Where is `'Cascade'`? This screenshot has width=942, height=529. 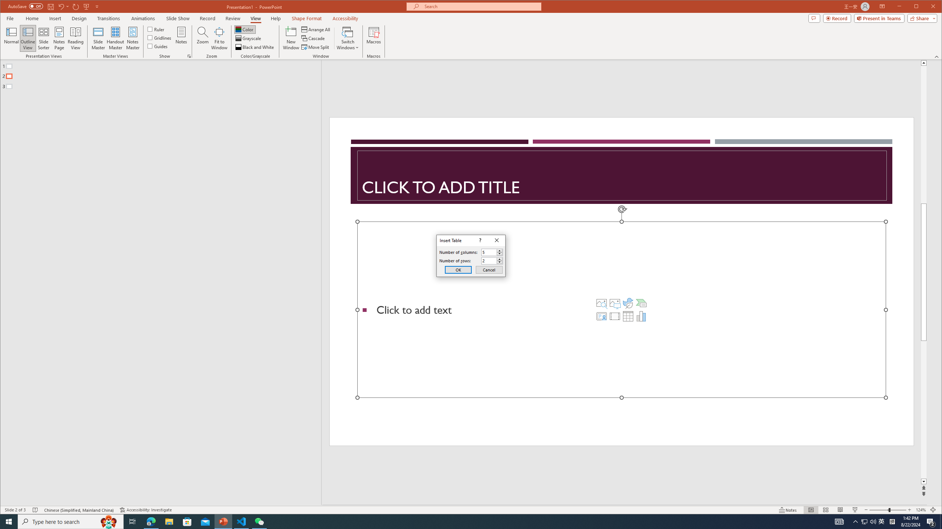 'Cascade' is located at coordinates (313, 38).